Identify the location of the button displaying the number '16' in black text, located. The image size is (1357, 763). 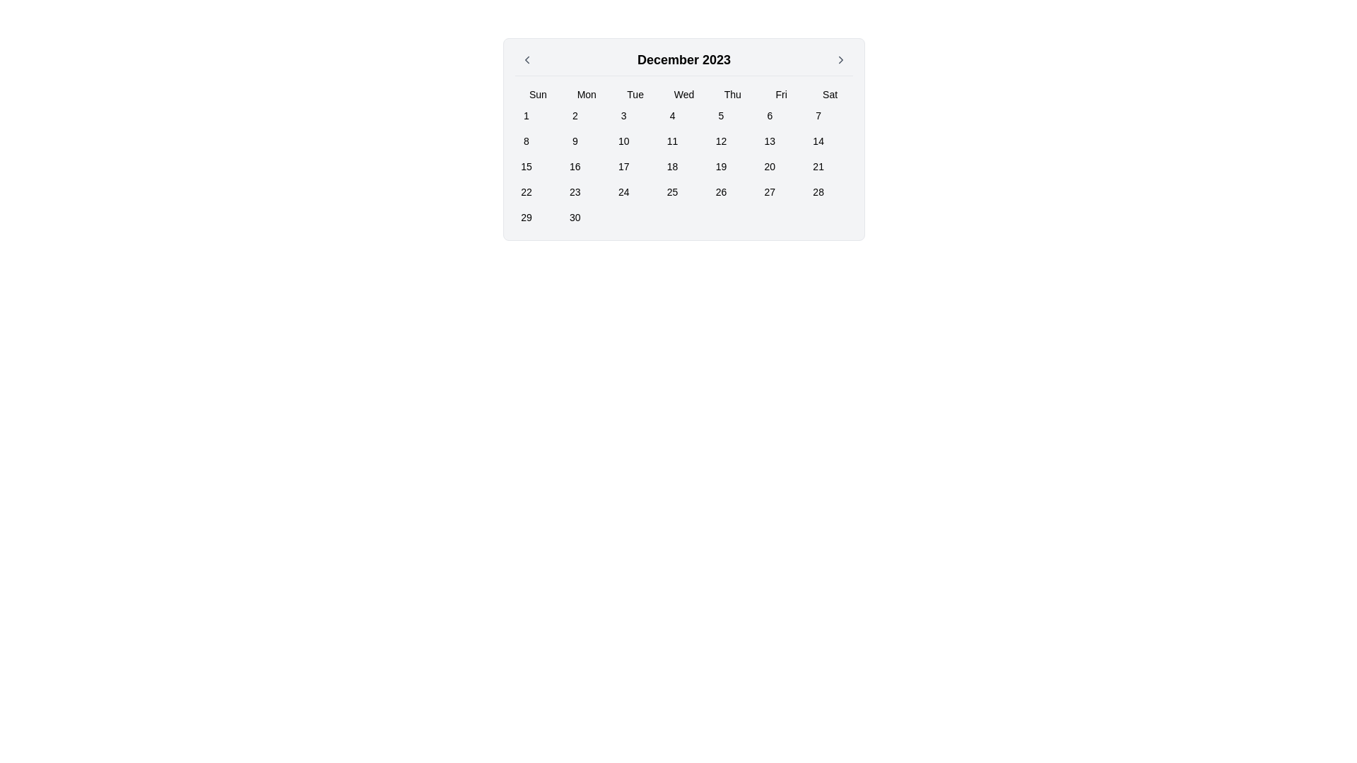
(575, 165).